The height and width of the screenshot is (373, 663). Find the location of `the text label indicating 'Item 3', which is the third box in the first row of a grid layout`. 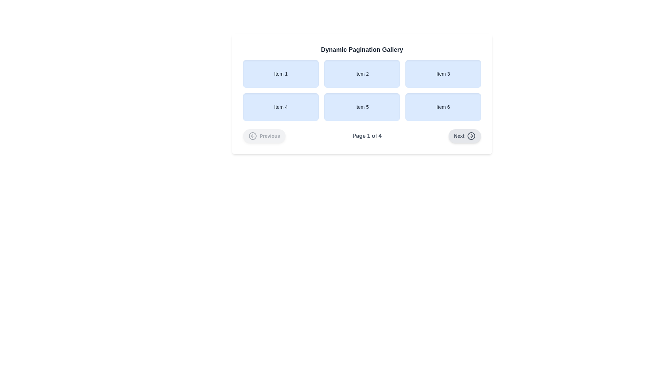

the text label indicating 'Item 3', which is the third box in the first row of a grid layout is located at coordinates (443, 74).